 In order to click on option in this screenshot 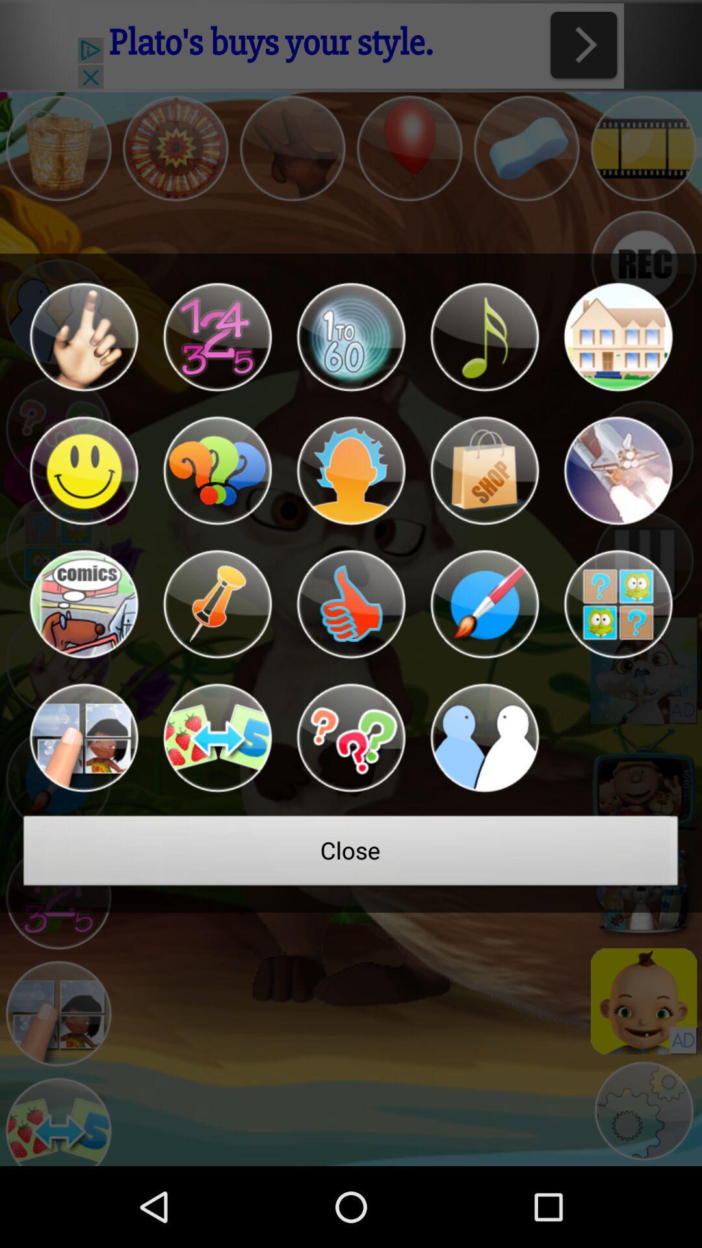, I will do `click(83, 470)`.